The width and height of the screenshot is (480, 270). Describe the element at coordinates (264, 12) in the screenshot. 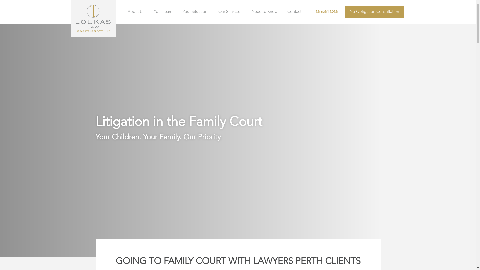

I see `'Need to Know'` at that location.